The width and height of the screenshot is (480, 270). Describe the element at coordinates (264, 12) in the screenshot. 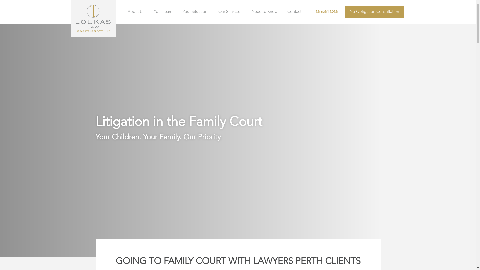

I see `'Need to Know'` at that location.